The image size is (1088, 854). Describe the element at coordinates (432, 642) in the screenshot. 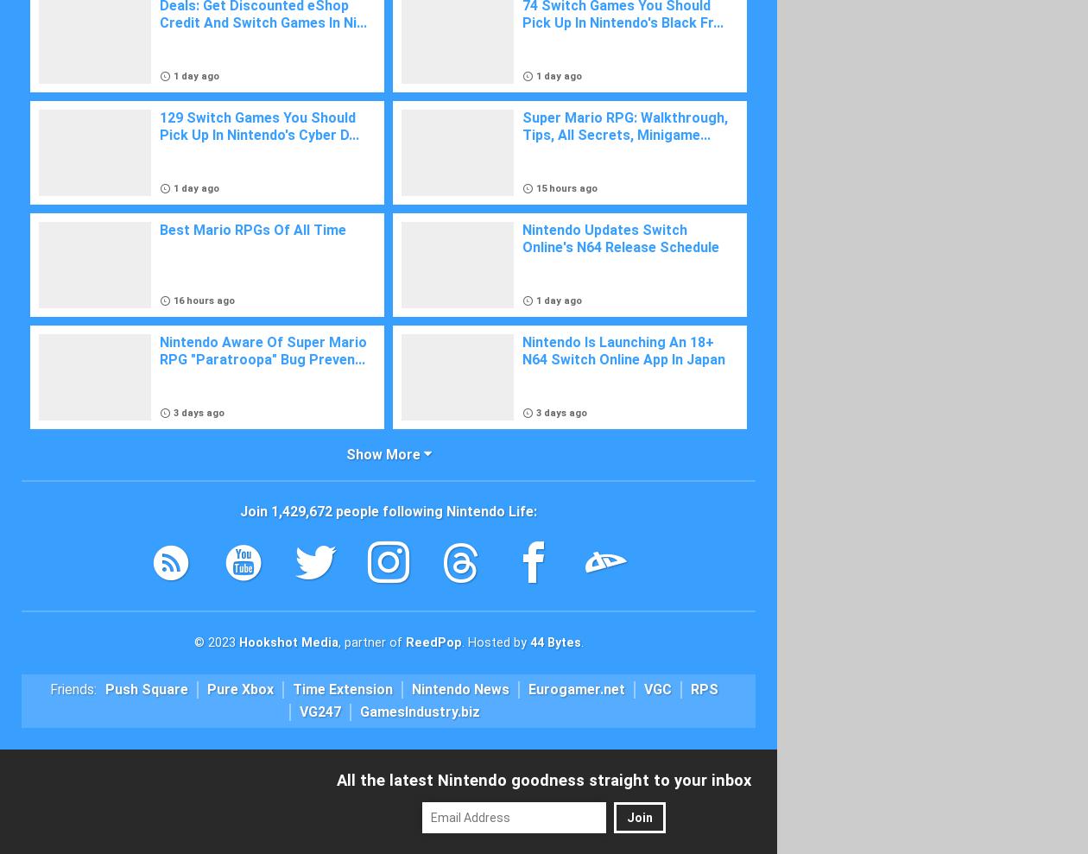

I see `'ReedPop'` at that location.